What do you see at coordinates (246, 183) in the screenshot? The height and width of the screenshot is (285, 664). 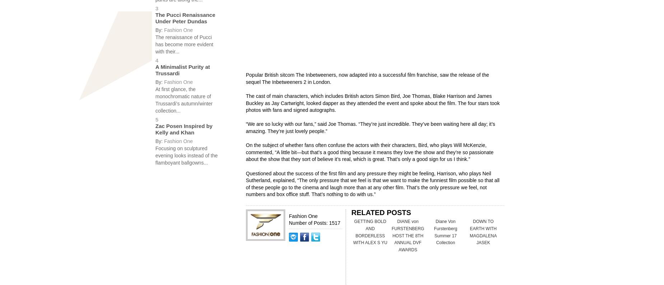 I see `'Questioned about the success of the first film and any pressure they might be feeling, Harrison, who plays Neil Sutherland, explained, “The only pressure that we feel is that we want to make the funniest film possible so that all of these people go to the cinema and laugh more than at any other film. That’s the only pressure we feel, not numbers and box office stuff. That’s nothing to do with us.”'` at bounding box center [246, 183].